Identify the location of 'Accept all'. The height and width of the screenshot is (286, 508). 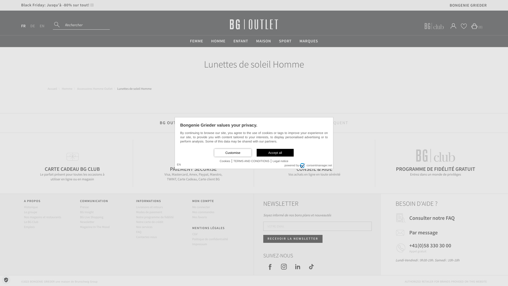
(256, 153).